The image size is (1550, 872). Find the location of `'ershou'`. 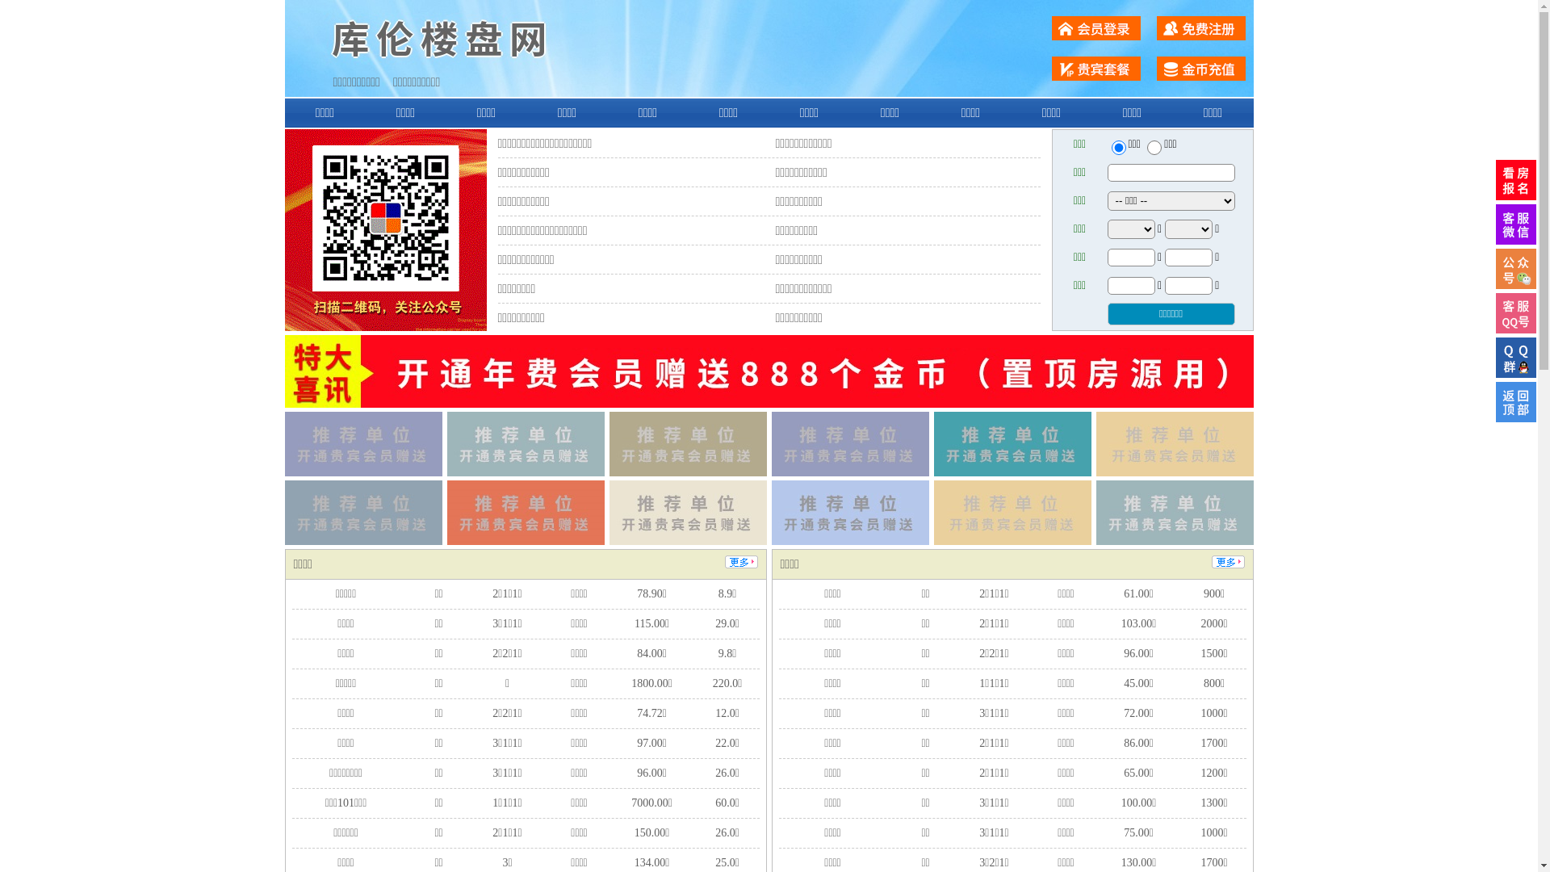

'ershou' is located at coordinates (1117, 147).